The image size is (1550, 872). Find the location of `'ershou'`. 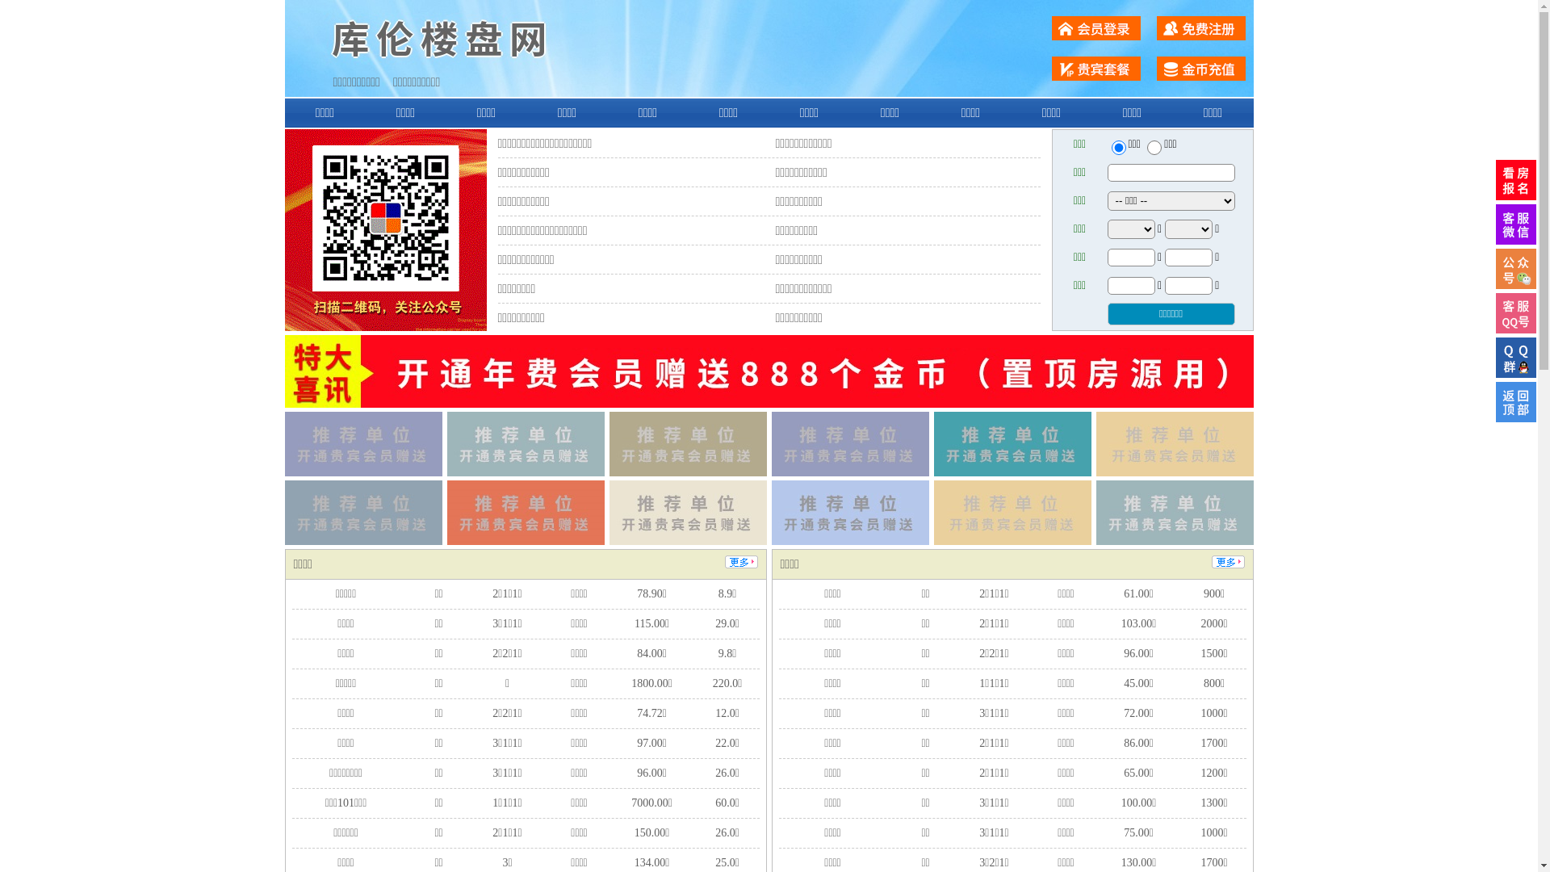

'ershou' is located at coordinates (1117, 147).